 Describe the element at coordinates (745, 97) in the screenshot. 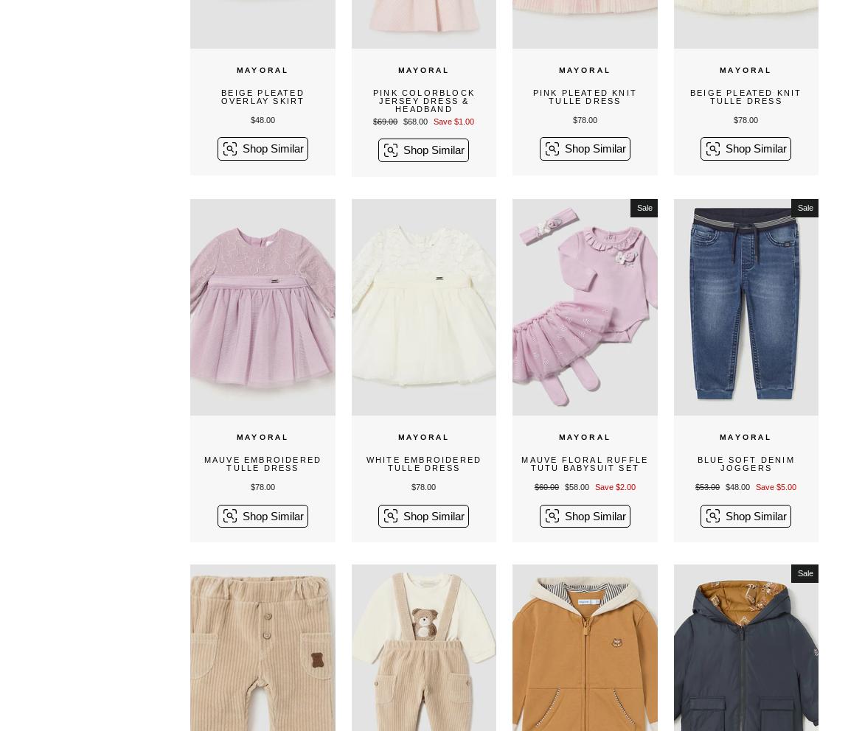

I see `'Beige Pleated Knit Tulle Dress'` at that location.